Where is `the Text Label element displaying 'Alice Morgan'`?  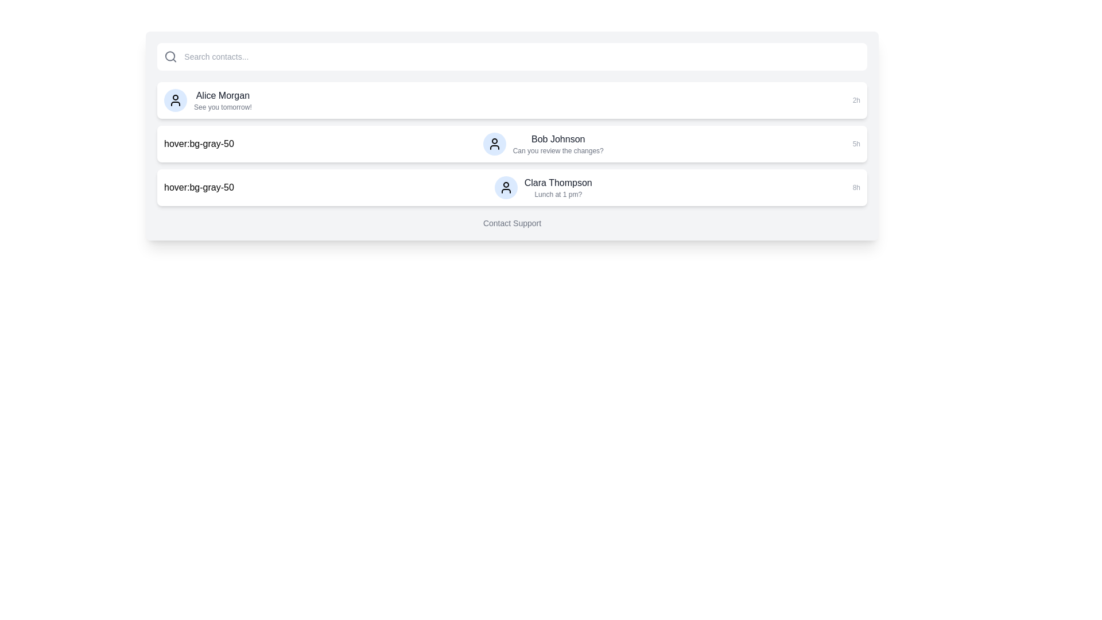
the Text Label element displaying 'Alice Morgan' is located at coordinates (223, 95).